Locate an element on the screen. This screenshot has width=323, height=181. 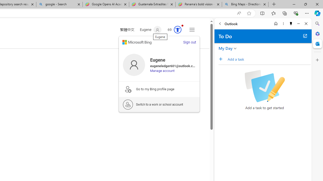
'Unpin side pane' is located at coordinates (291, 23).